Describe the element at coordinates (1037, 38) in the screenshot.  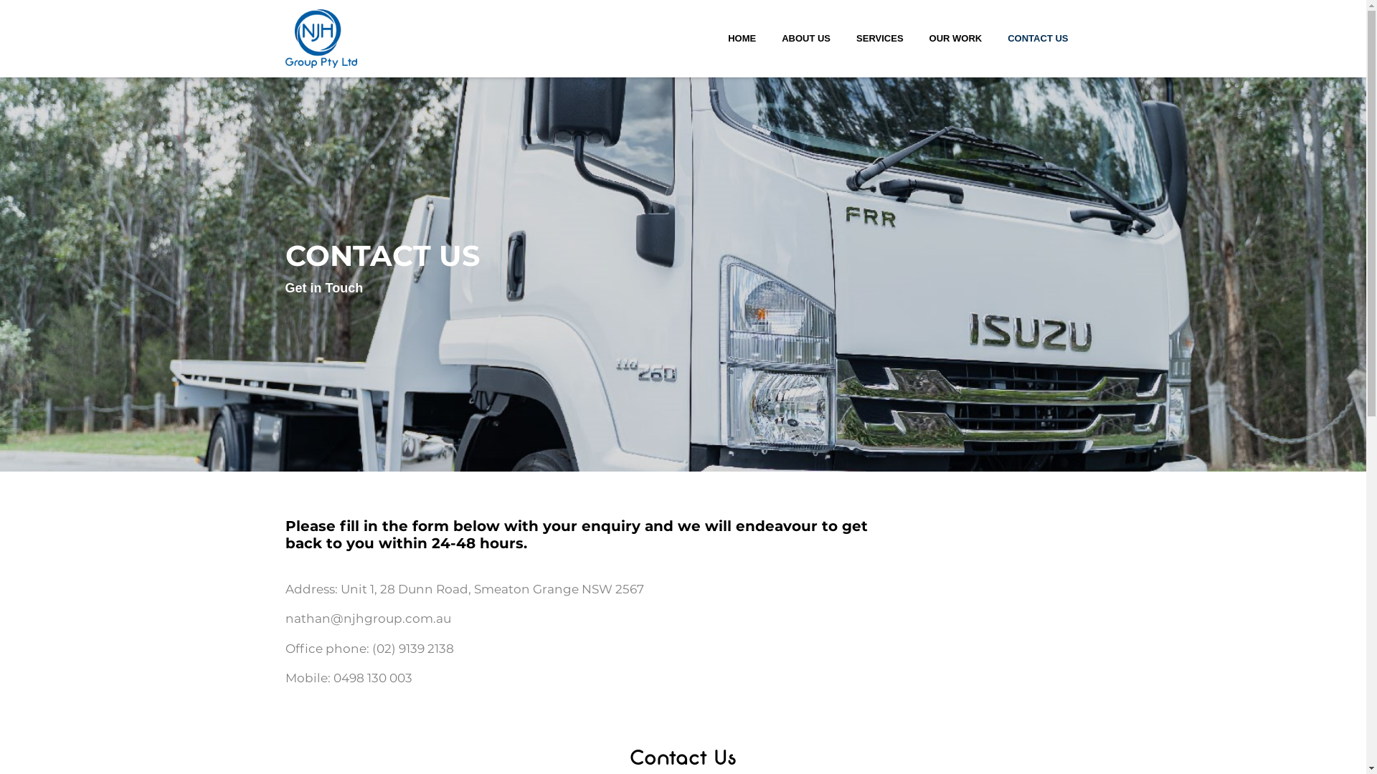
I see `'CONTACT US'` at that location.